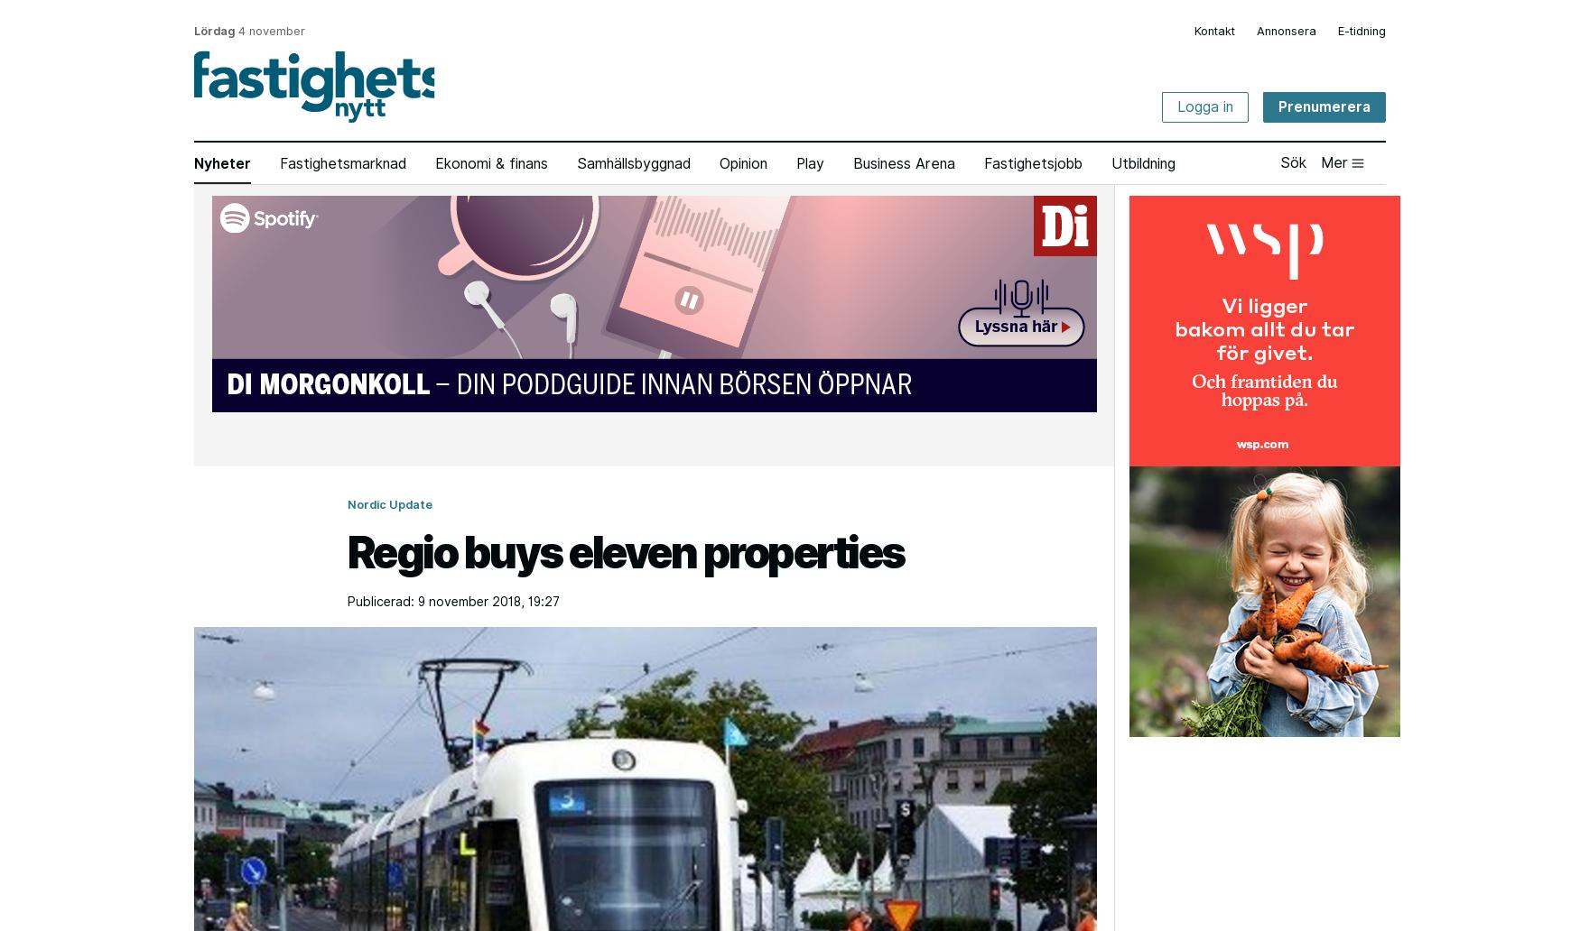 The image size is (1580, 931). I want to click on 'Annonsera', so click(1286, 30).